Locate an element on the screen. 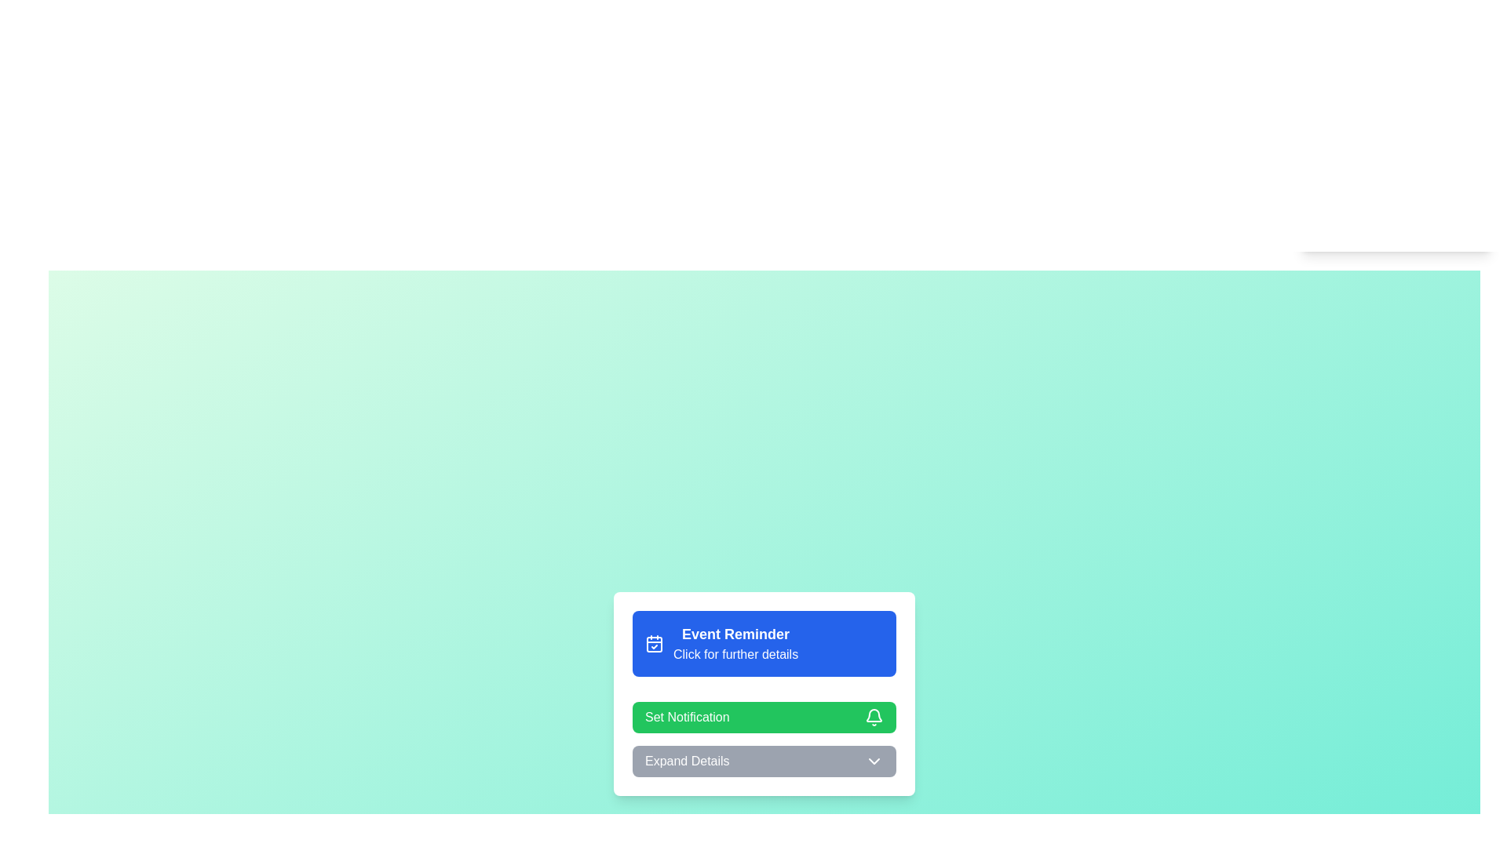 The height and width of the screenshot is (847, 1507). the rounded rectangle icon styled in filled blue color within the calendar illustration in the SVG, which is the third element among its siblings and is located above the 'Event Reminder' heading is located at coordinates (655, 644).